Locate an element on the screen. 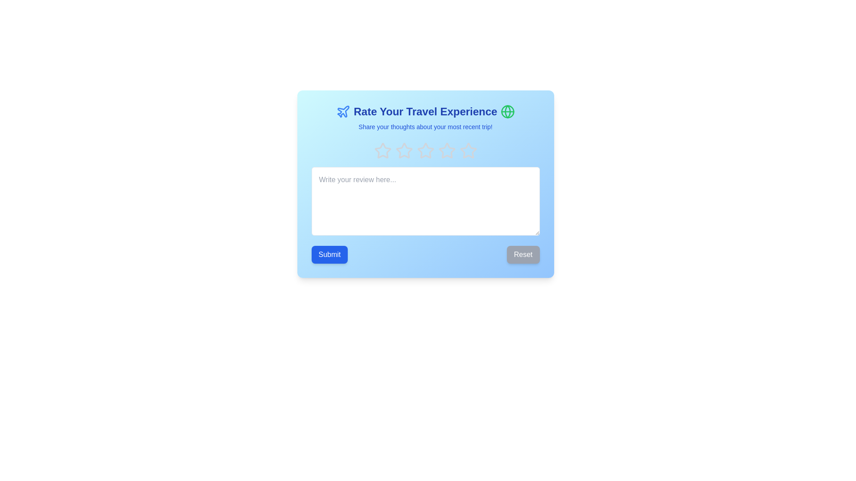 The image size is (856, 481). the header text block element that introduces the user to the rating interface for travel experiences is located at coordinates (425, 118).